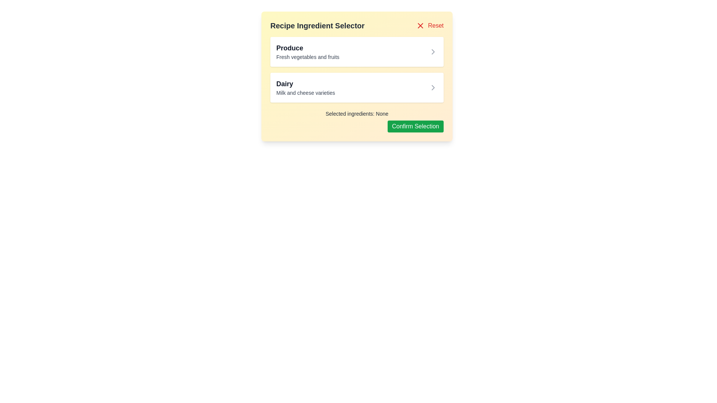 This screenshot has width=717, height=403. Describe the element at coordinates (430, 25) in the screenshot. I see `the 'Reset' button, which is a red-colored text label with an 'X' icon, located in the top-right corner of the 'Recipe Ingredient Selector' component` at that location.